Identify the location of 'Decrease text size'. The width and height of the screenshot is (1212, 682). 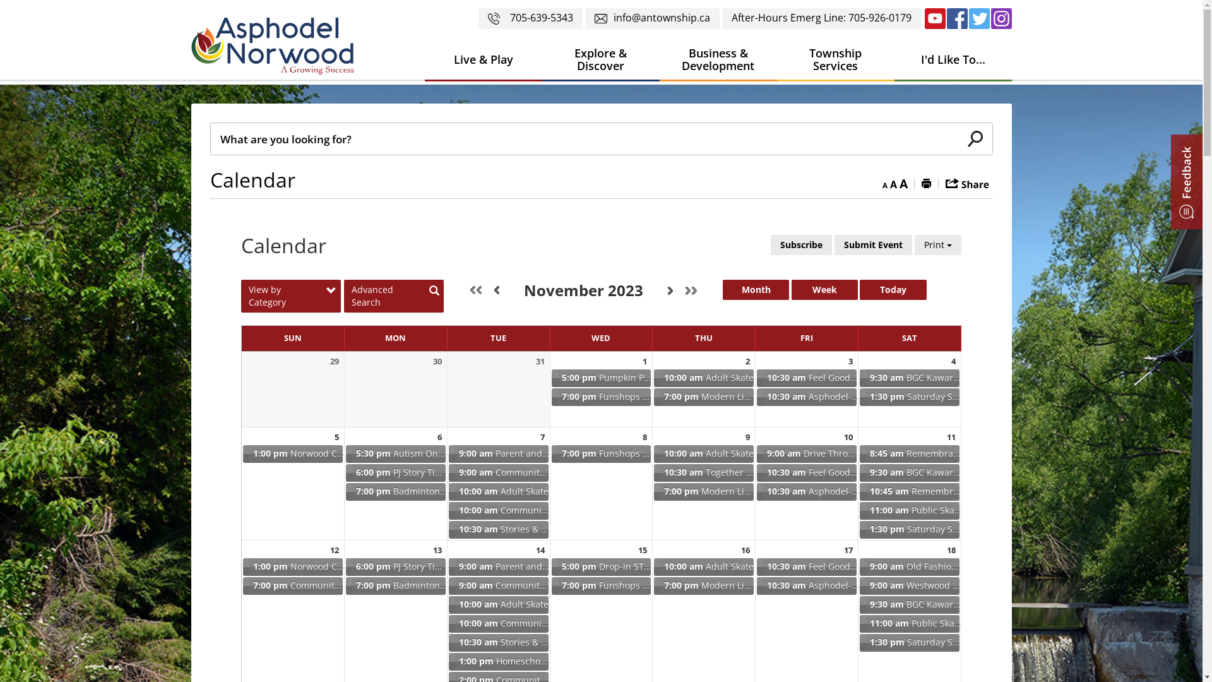
(884, 182).